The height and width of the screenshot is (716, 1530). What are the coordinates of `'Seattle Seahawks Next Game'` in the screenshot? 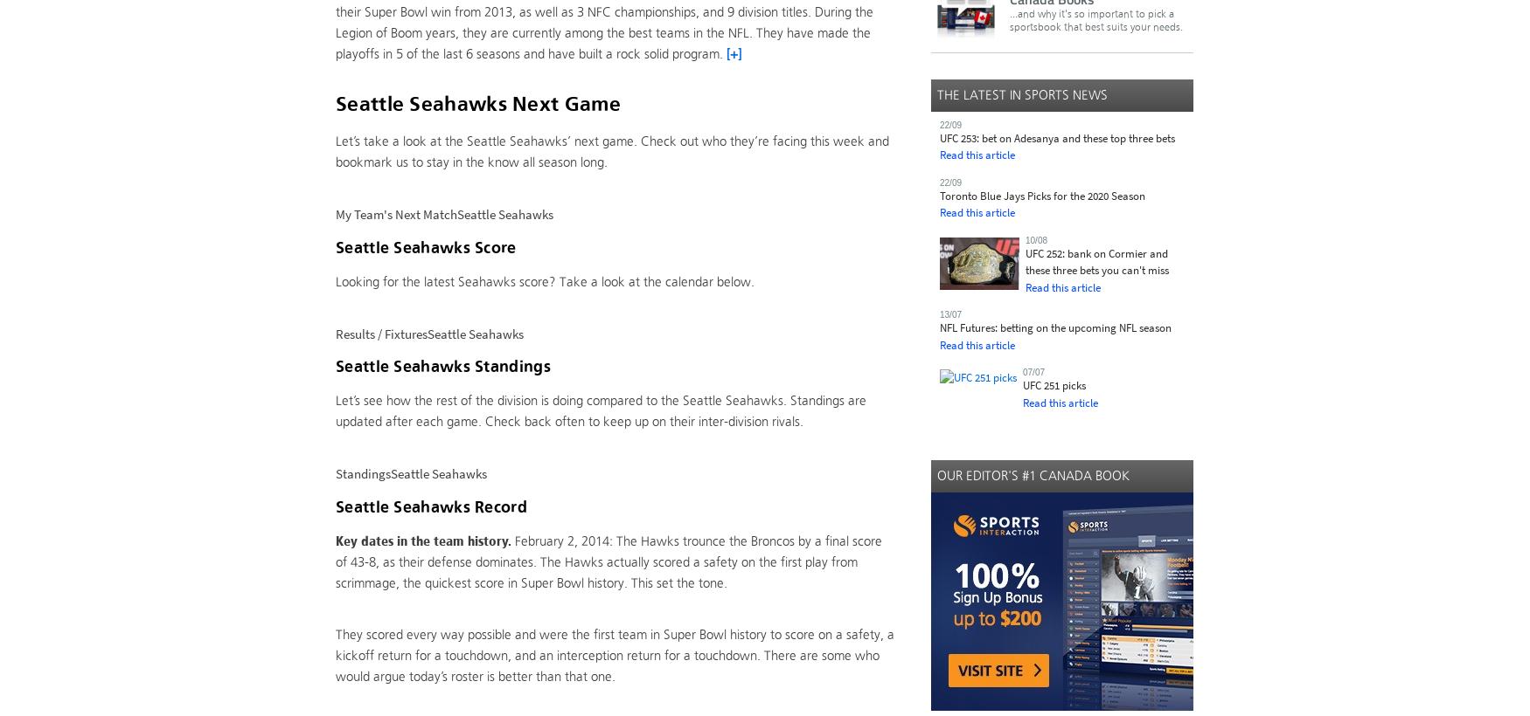 It's located at (476, 102).